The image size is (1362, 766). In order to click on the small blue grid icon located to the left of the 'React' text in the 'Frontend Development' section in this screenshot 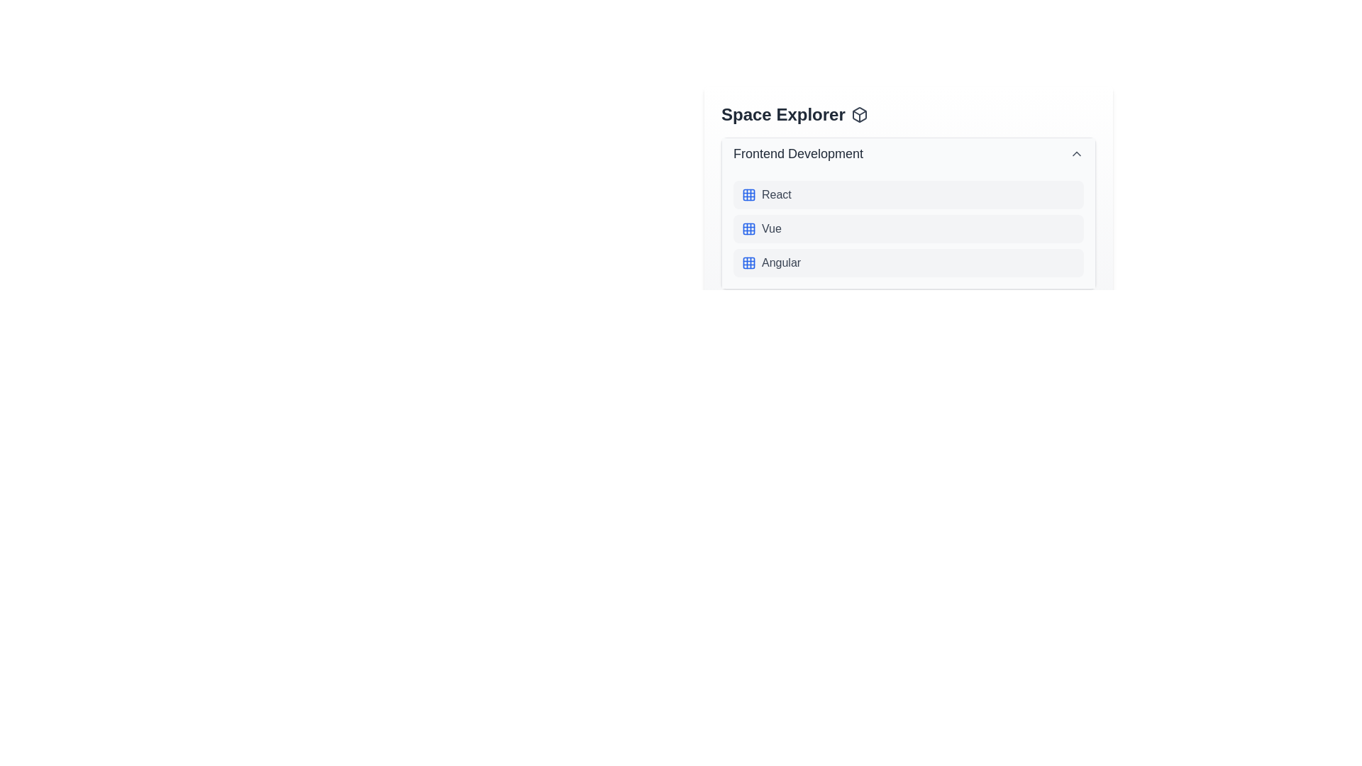, I will do `click(748, 194)`.